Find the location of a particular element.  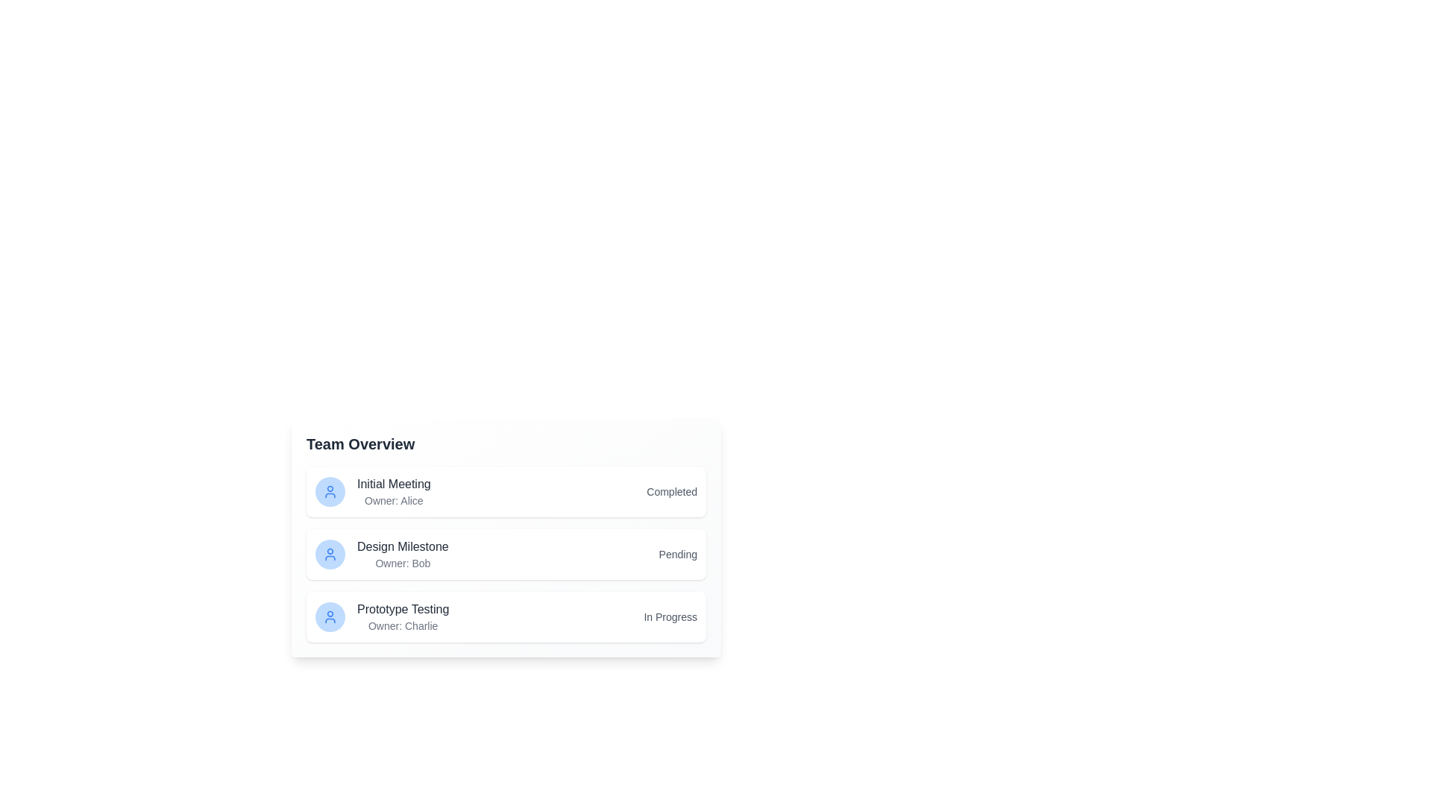

the Textual Display Component that shows task or milestone name and owner information, located to the right of a light blue circular avatar icon and before a status indicator labeled 'Pending' is located at coordinates (403, 555).